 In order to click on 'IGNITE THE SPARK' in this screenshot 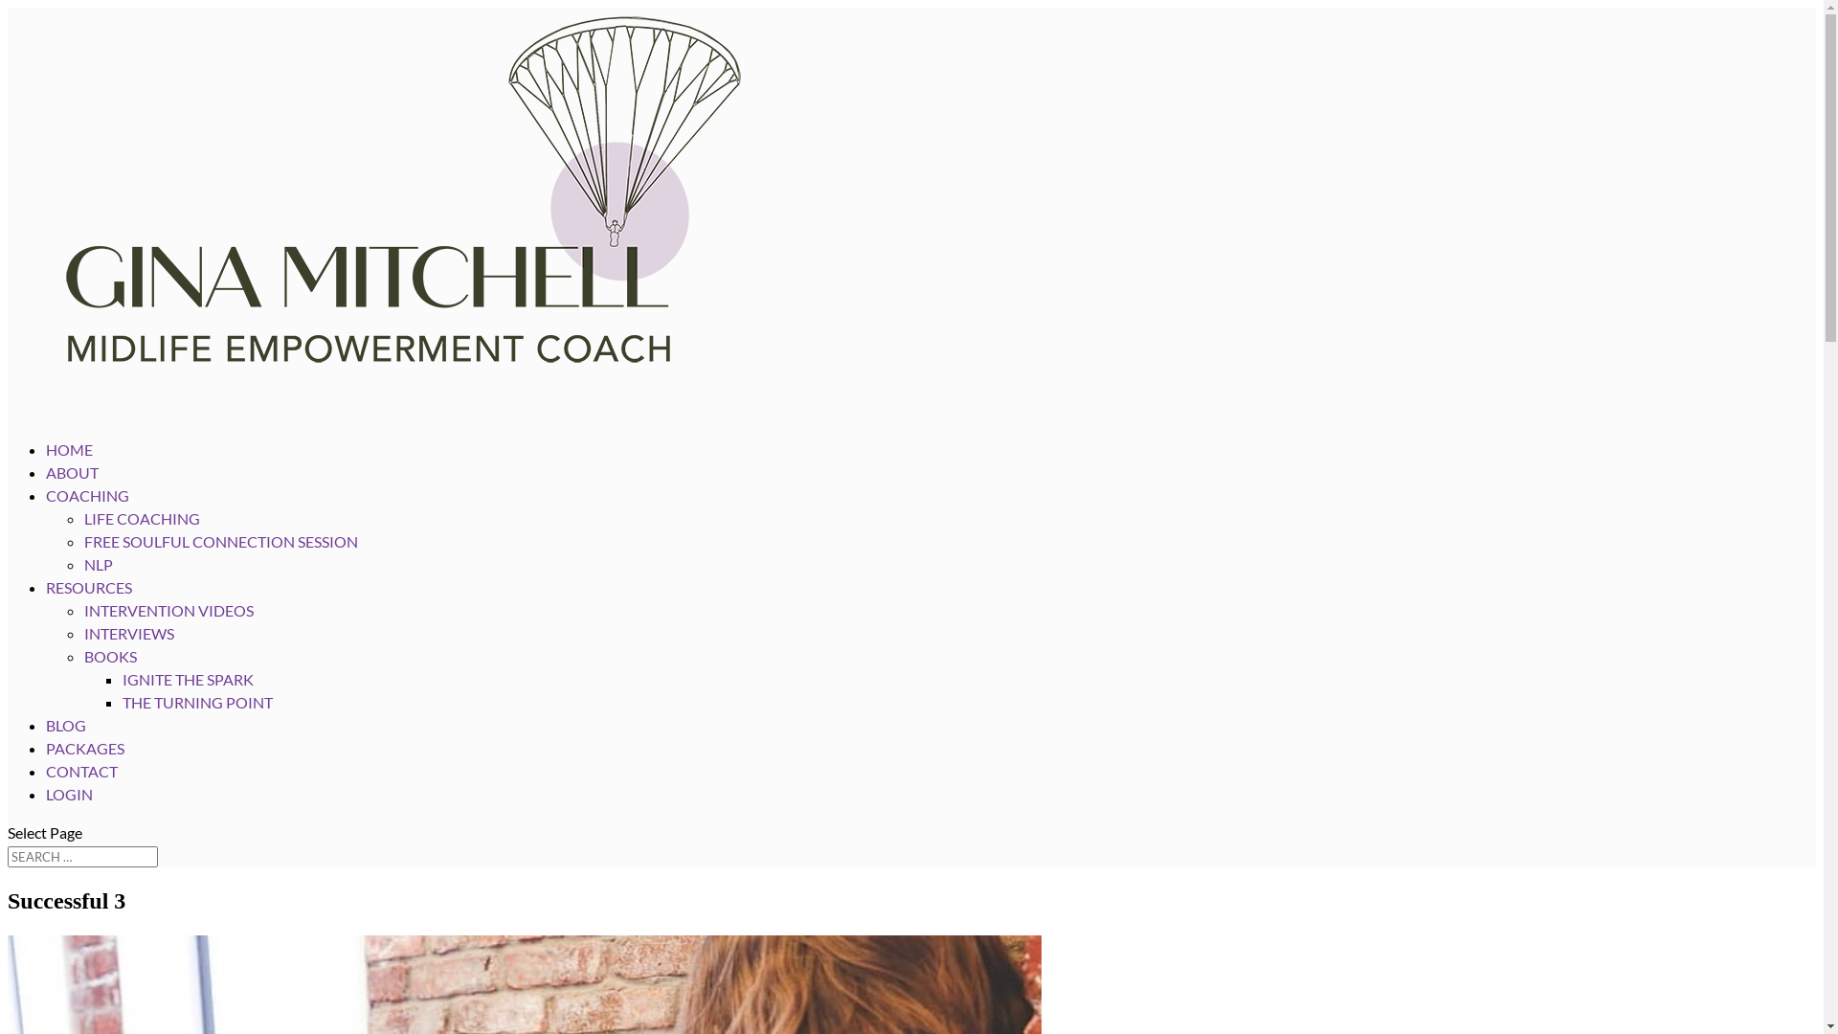, I will do `click(188, 678)`.